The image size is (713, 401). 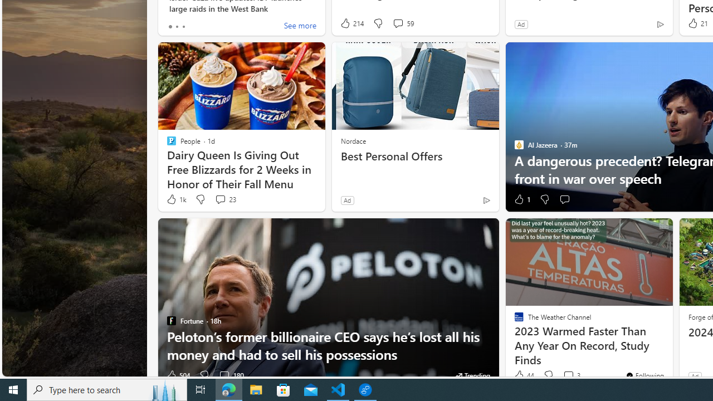 What do you see at coordinates (644, 375) in the screenshot?
I see `'You'` at bounding box center [644, 375].